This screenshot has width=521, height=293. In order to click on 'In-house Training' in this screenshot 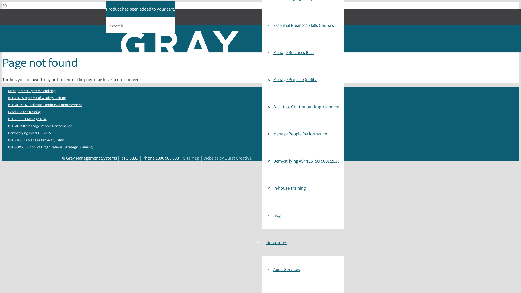, I will do `click(289, 187)`.